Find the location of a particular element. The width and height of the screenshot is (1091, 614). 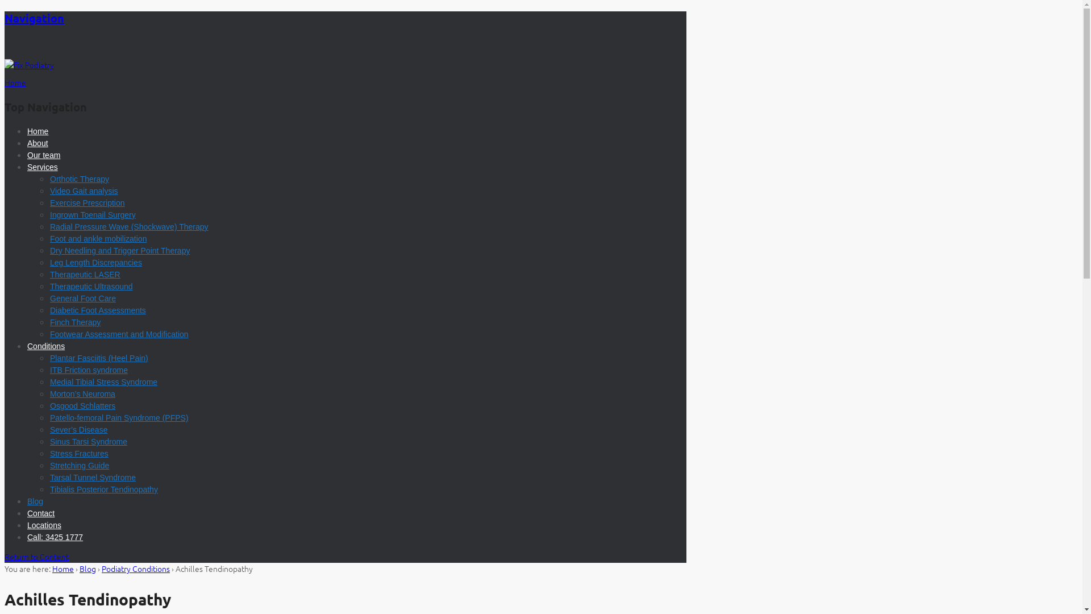

'ITB Friction syndrome' is located at coordinates (88, 370).